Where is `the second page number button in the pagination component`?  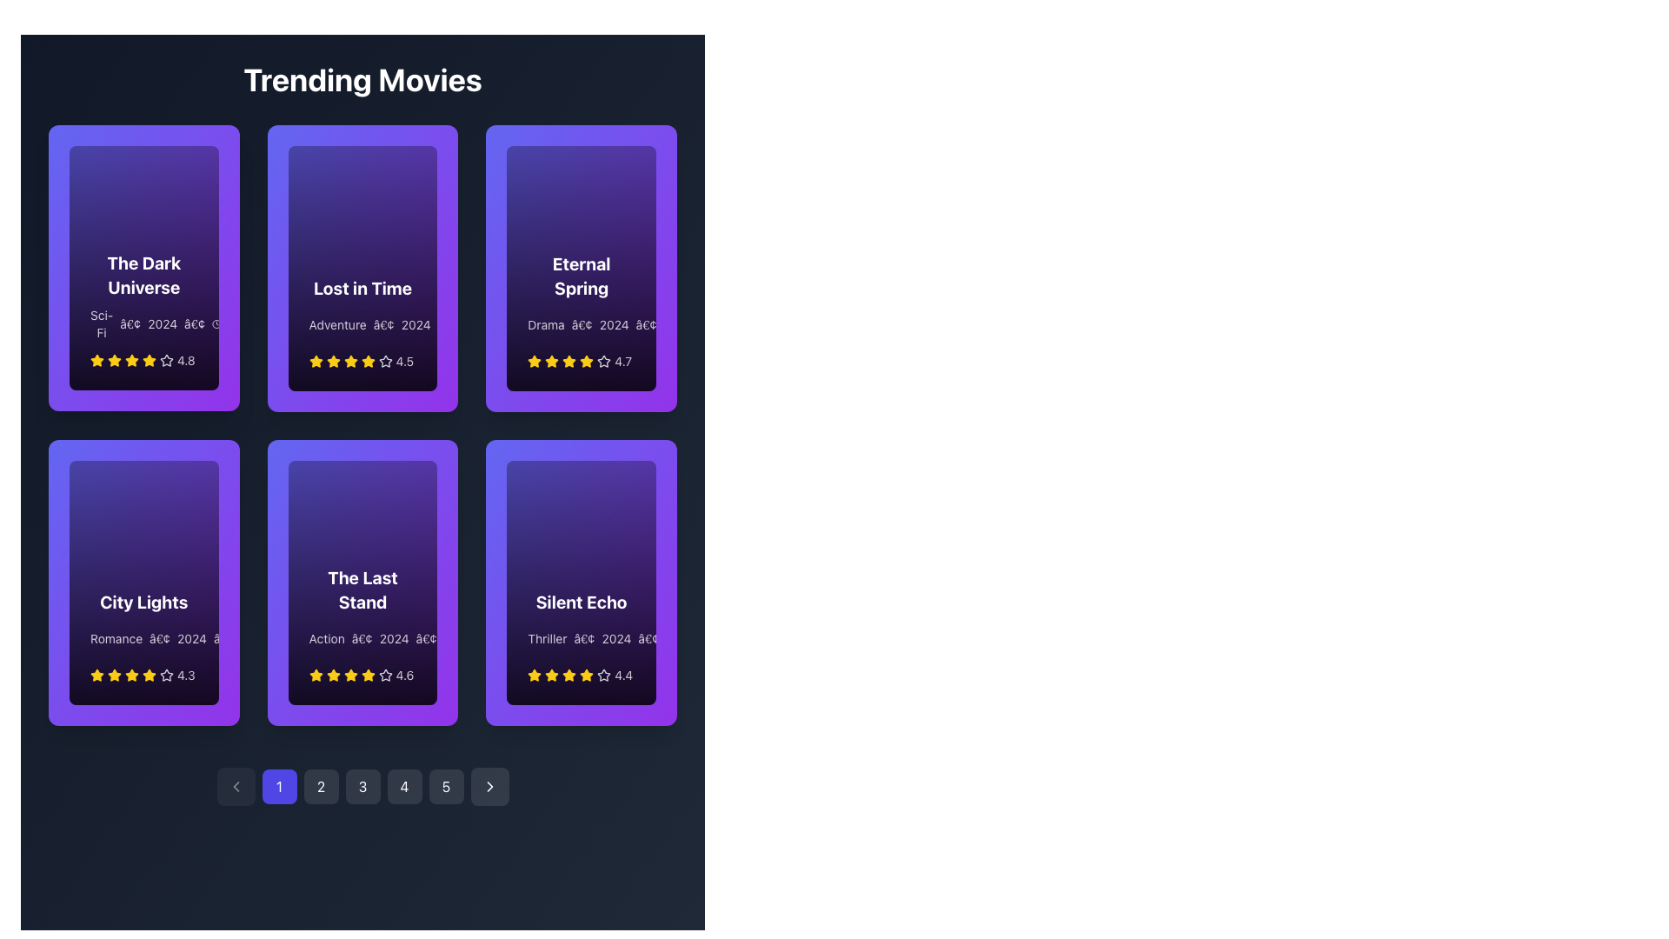 the second page number button in the pagination component is located at coordinates (321, 787).